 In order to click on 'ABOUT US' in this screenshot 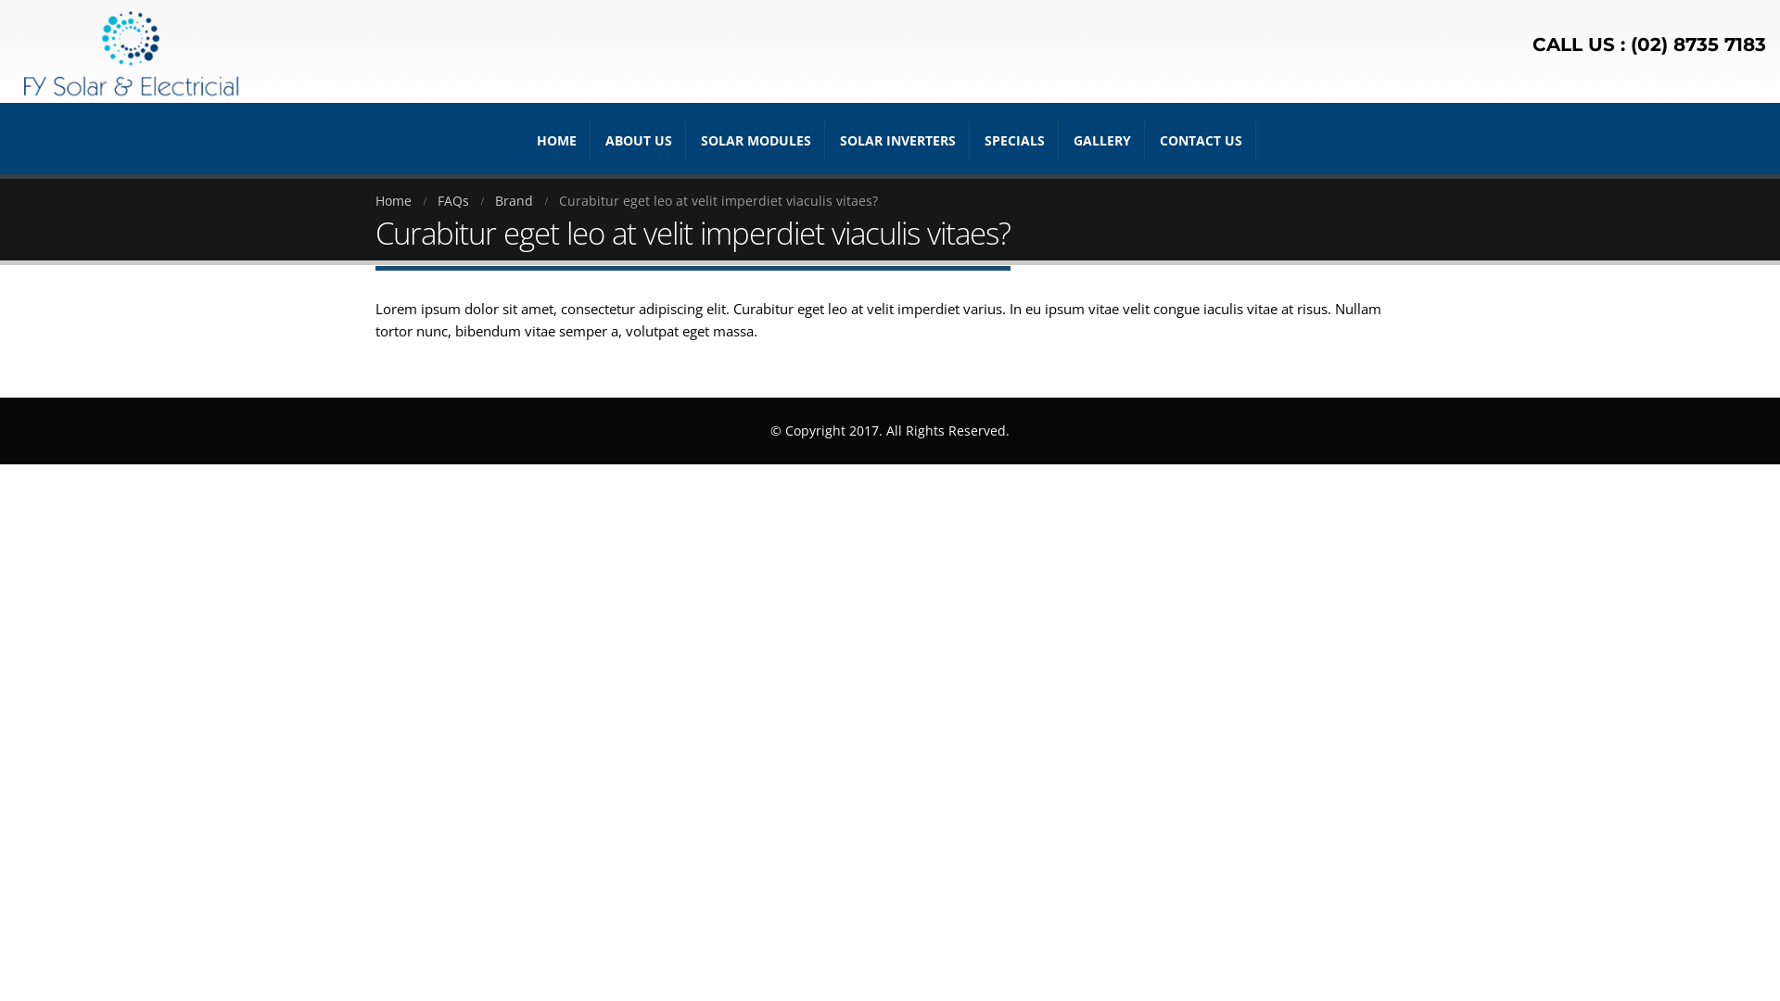, I will do `click(591, 139)`.